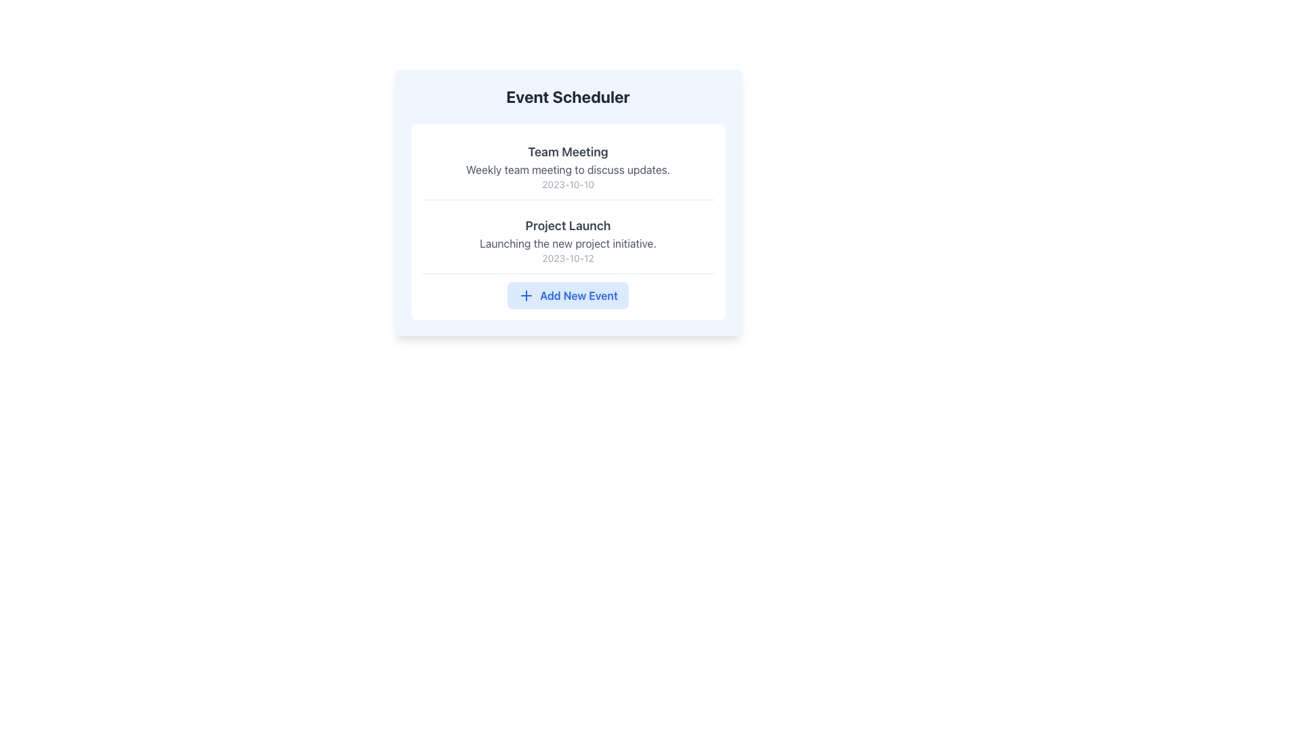  Describe the element at coordinates (568, 258) in the screenshot. I see `the text label indicating the scheduled date for the 'Project Launch' event, located at the bottom of the section following 'Launching the new project initiative.'` at that location.